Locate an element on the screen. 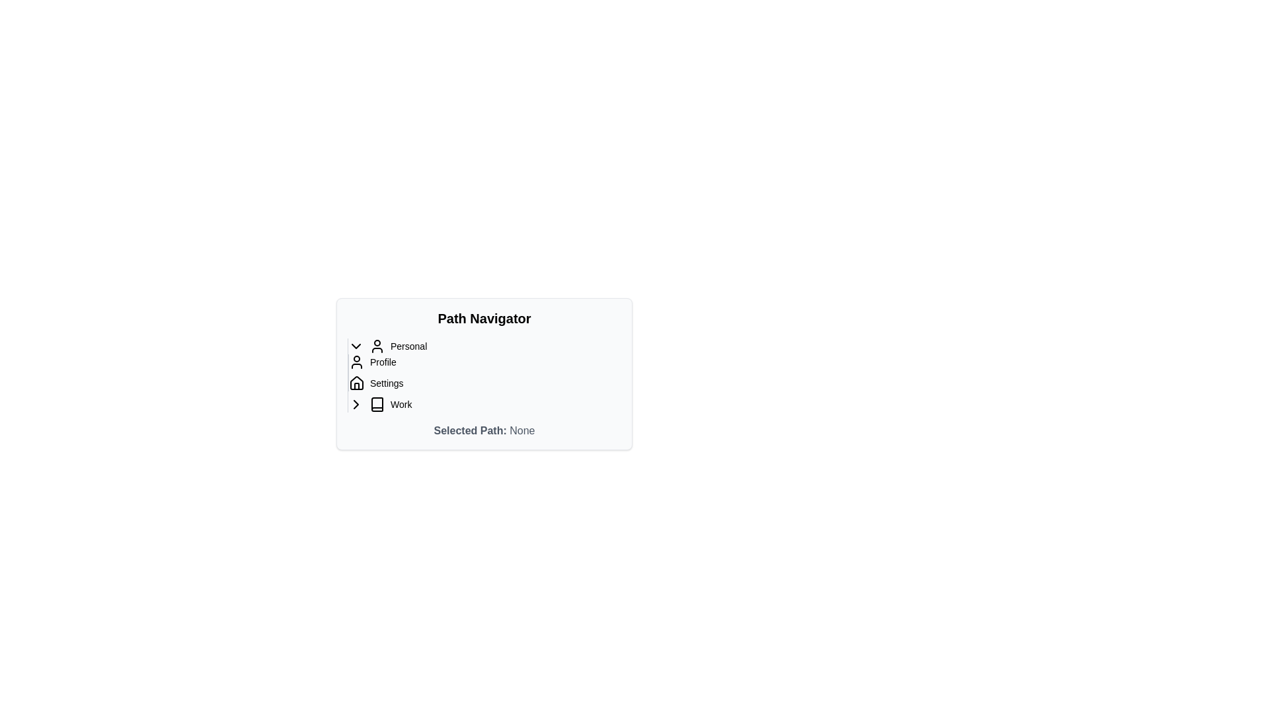  the closed book icon with a horizontal mark, which is the third icon in the vertical list aligned with the 'Work' label is located at coordinates (377, 404).